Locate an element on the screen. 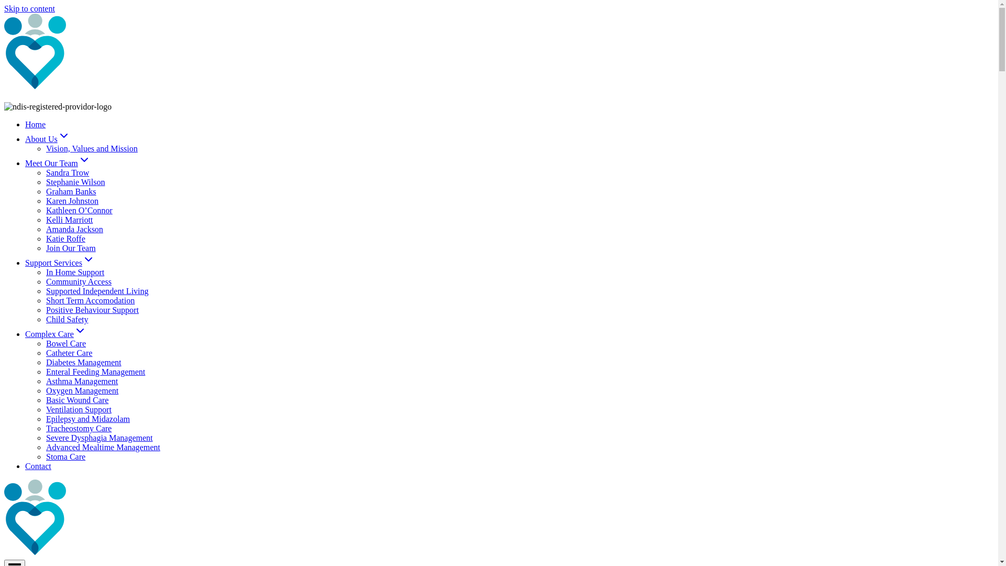 This screenshot has height=566, width=1006. 'Inclusive Support Service logo - white text' is located at coordinates (126, 518).